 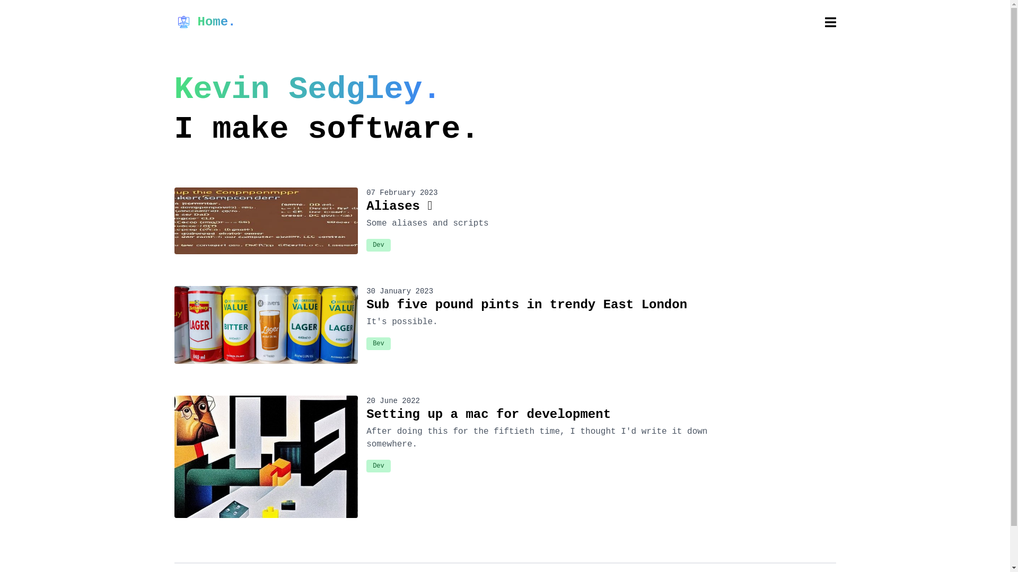 I want to click on 'Dev', so click(x=379, y=245).